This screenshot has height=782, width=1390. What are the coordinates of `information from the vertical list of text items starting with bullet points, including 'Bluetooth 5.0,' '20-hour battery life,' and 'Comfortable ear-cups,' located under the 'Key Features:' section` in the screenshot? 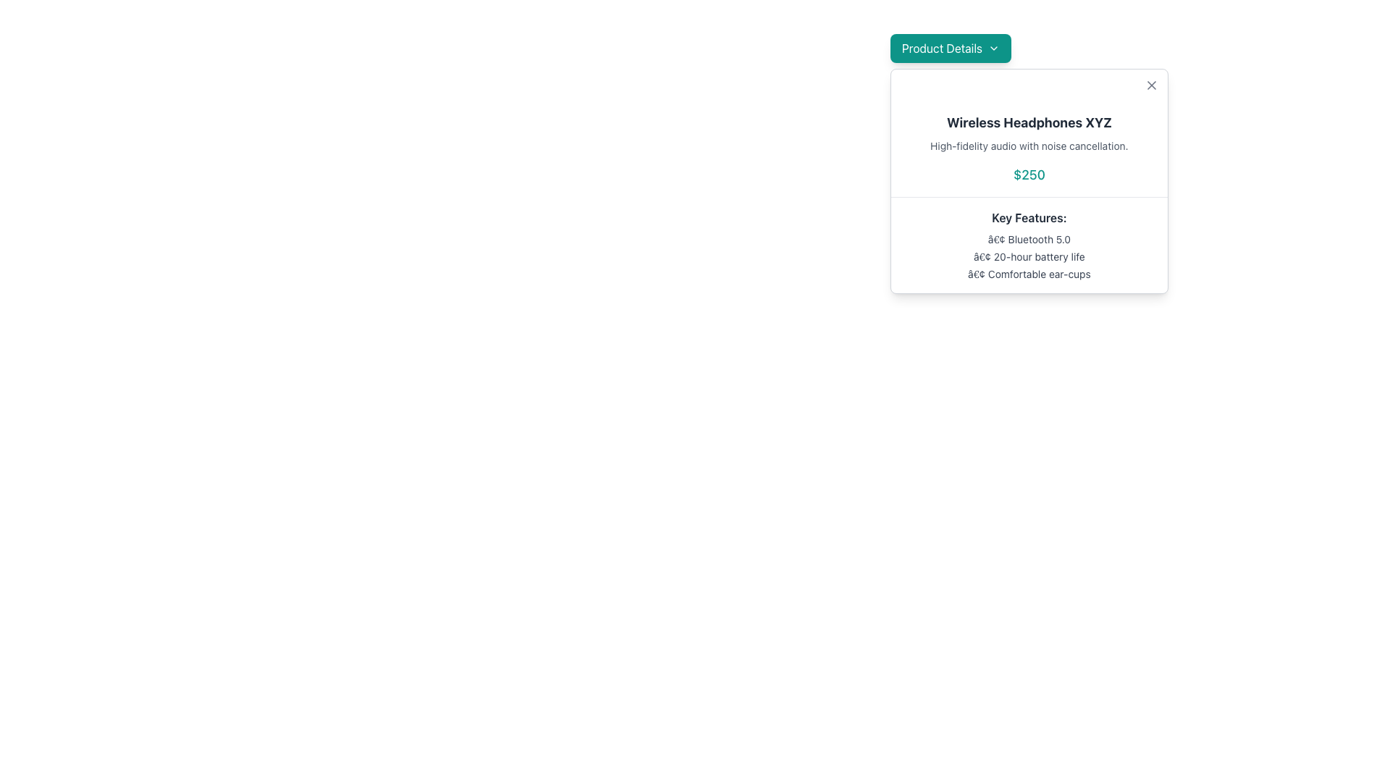 It's located at (1028, 256).